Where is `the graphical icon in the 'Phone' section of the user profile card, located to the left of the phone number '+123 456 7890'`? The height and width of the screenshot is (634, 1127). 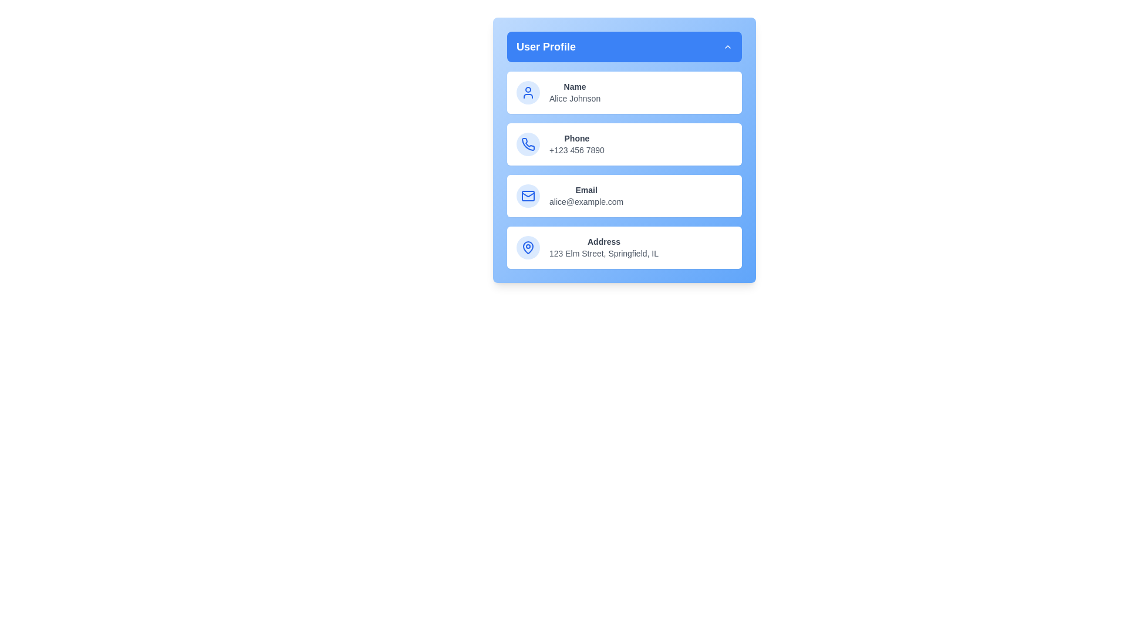 the graphical icon in the 'Phone' section of the user profile card, located to the left of the phone number '+123 456 7890' is located at coordinates (528, 143).